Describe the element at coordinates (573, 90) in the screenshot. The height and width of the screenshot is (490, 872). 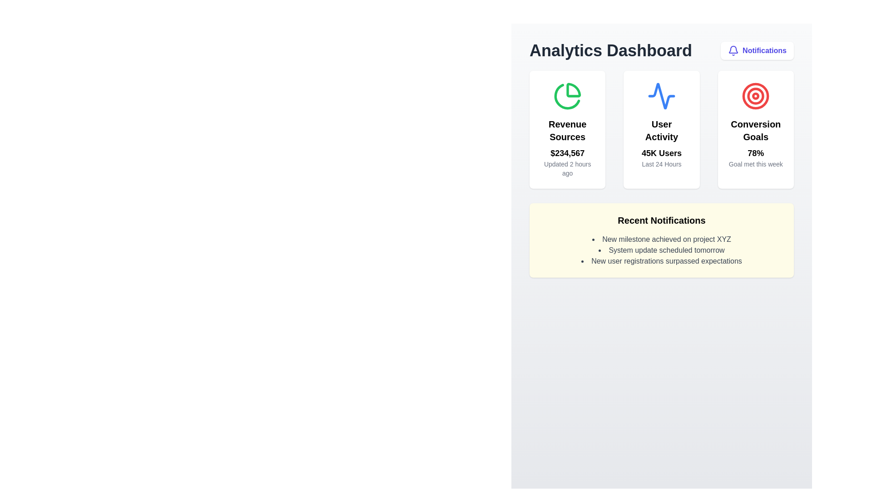
I see `the top-right segment of the pie chart icon, which is styled with a green stroke and located in the top-left card of a dashboard interface` at that location.